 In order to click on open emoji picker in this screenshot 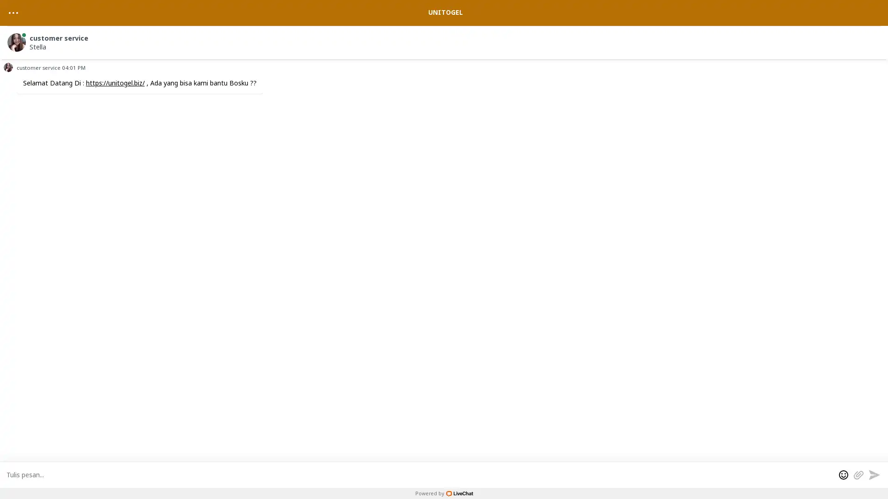, I will do `click(844, 474)`.